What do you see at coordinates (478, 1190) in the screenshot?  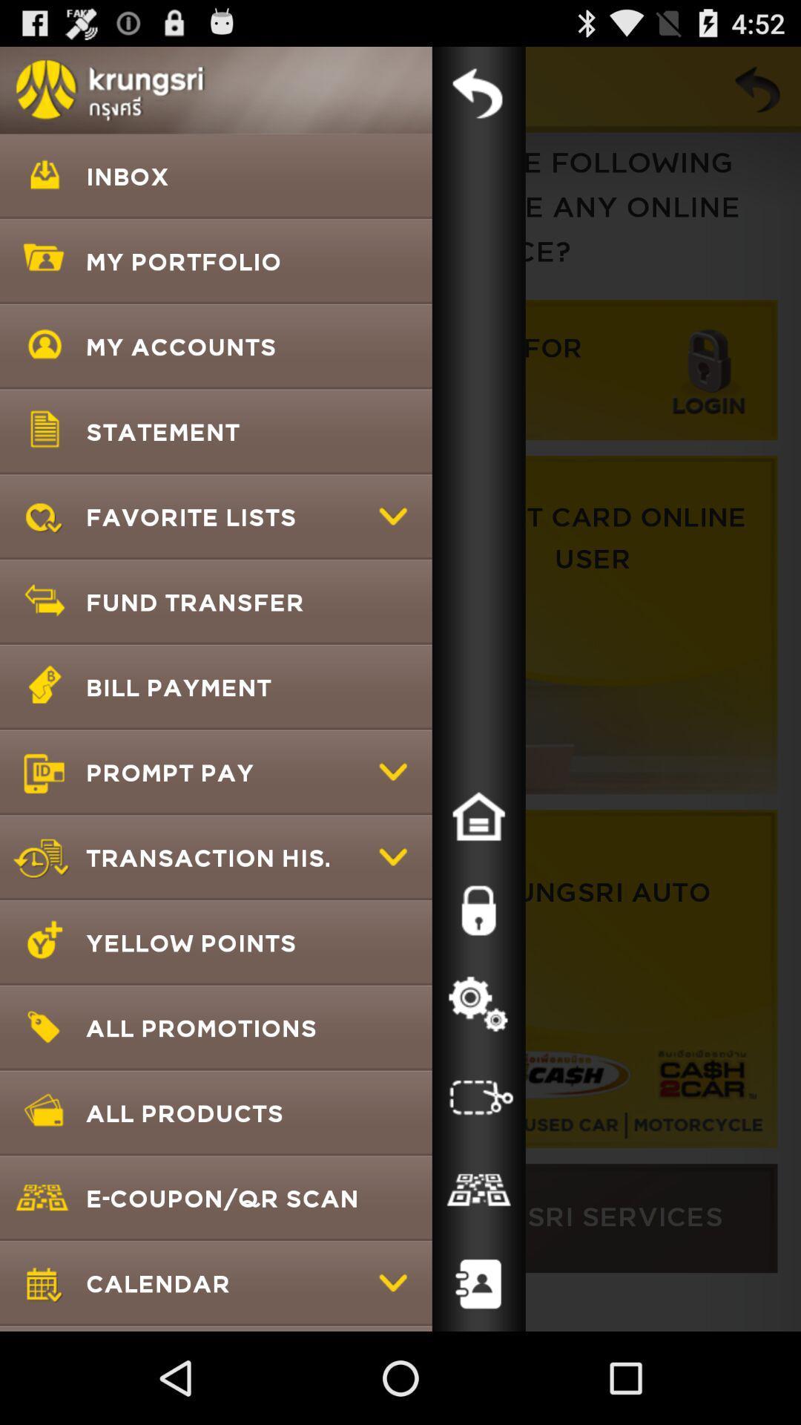 I see `qr scan` at bounding box center [478, 1190].